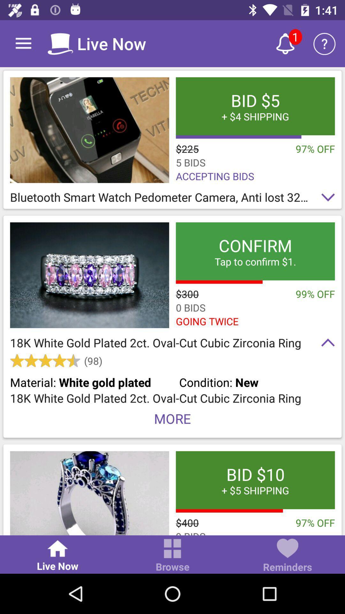 This screenshot has height=614, width=345. Describe the element at coordinates (89, 275) in the screenshot. I see `open product` at that location.